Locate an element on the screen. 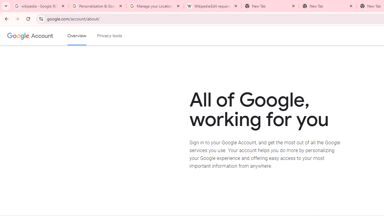 This screenshot has width=384, height=216. 'Personalization & Google Search results - Google Search Help' is located at coordinates (97, 6).